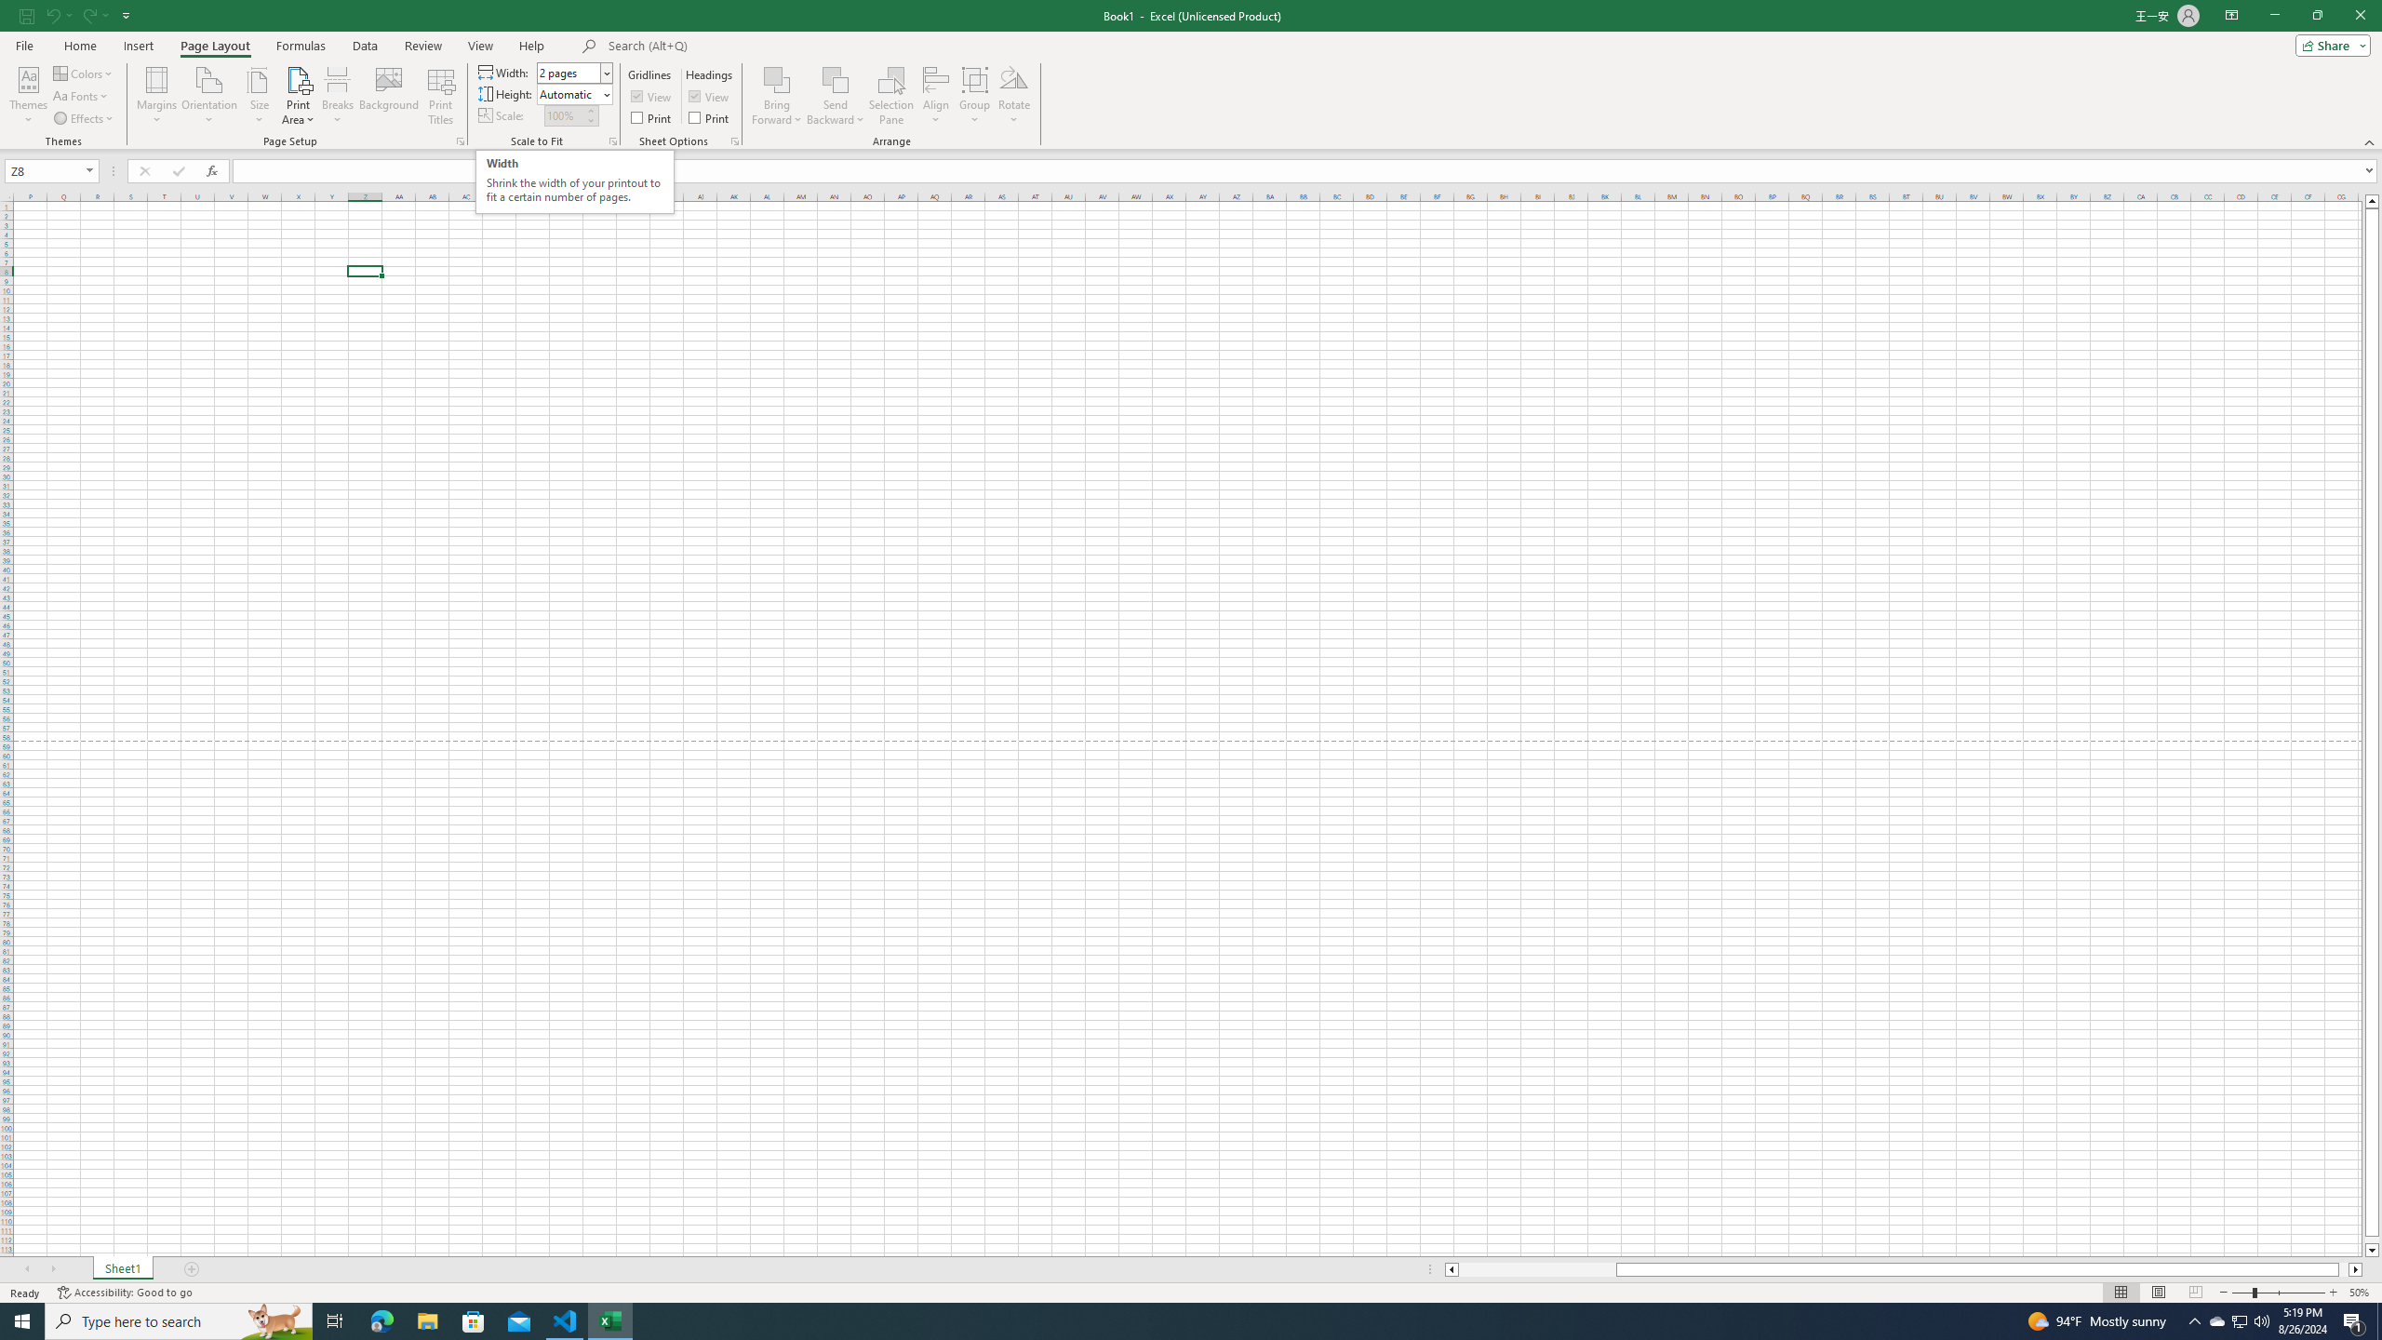 The height and width of the screenshot is (1340, 2382). Describe the element at coordinates (777, 78) in the screenshot. I see `'Bring Forward'` at that location.